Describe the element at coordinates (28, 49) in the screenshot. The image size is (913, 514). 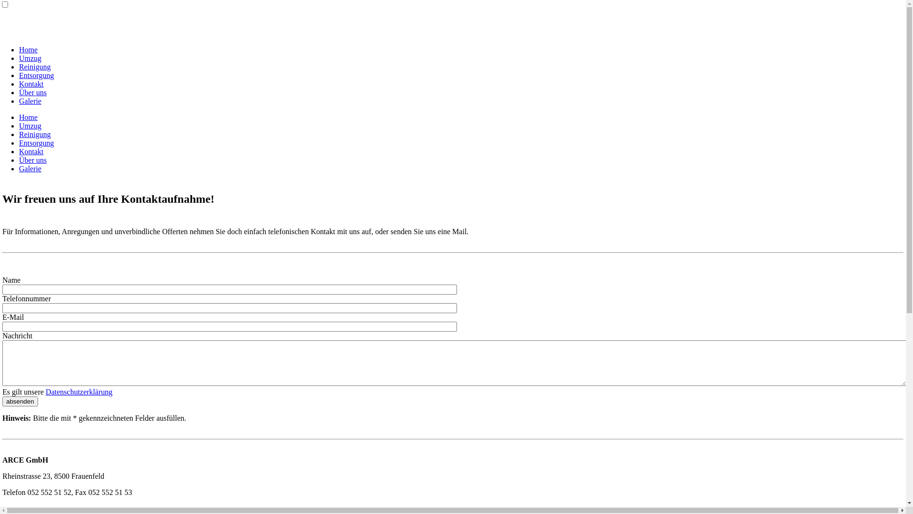
I see `'Home'` at that location.